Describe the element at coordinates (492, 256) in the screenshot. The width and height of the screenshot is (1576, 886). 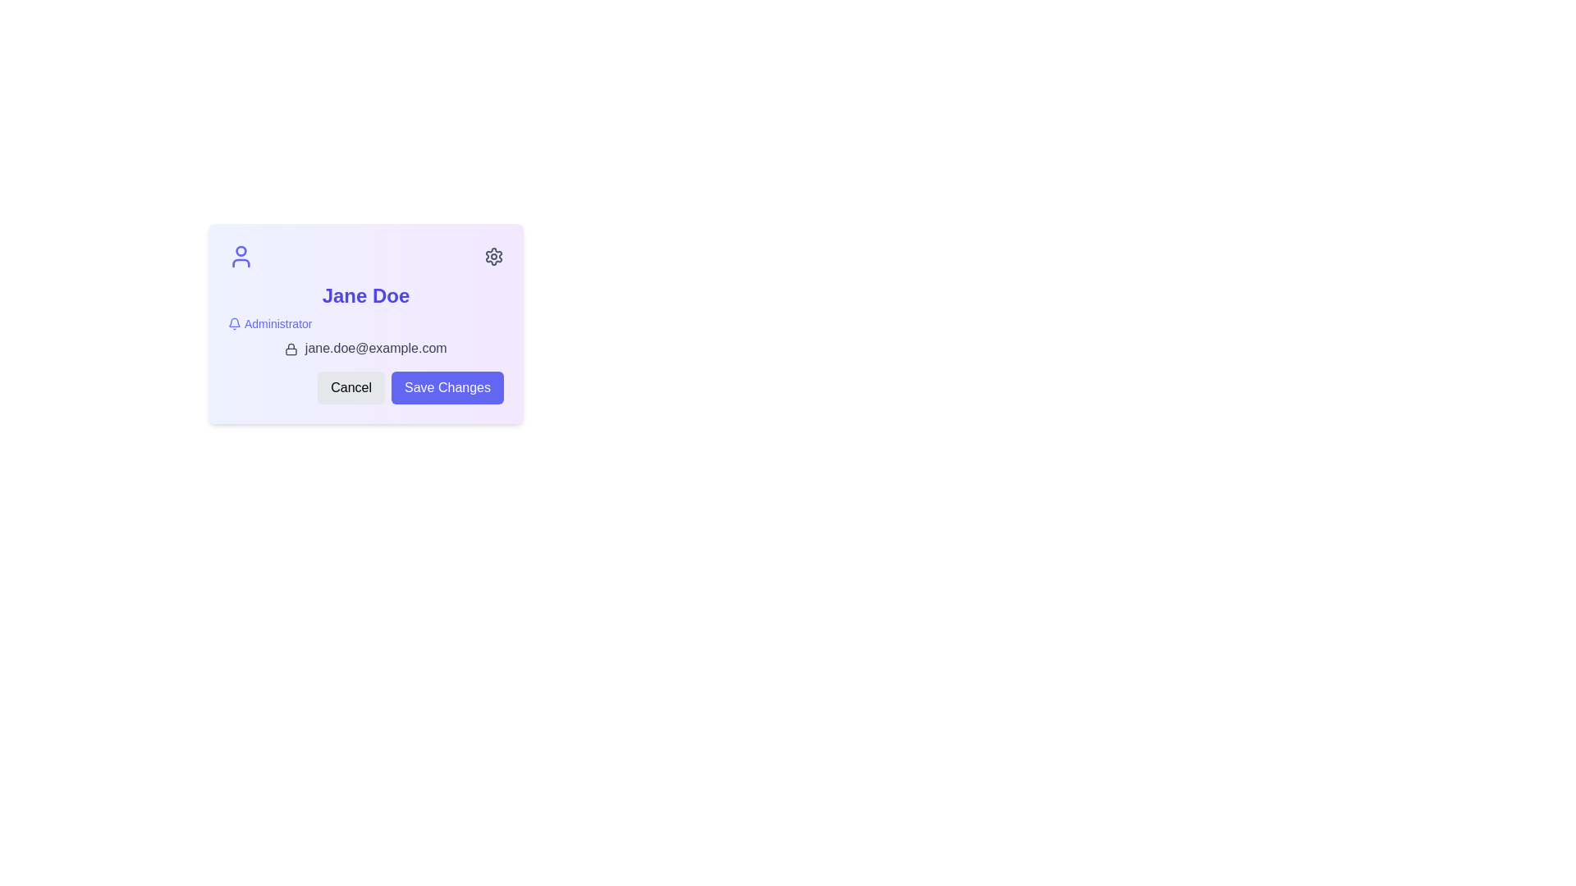
I see `the settings icon located in the upper-right corner of the settings interface` at that location.